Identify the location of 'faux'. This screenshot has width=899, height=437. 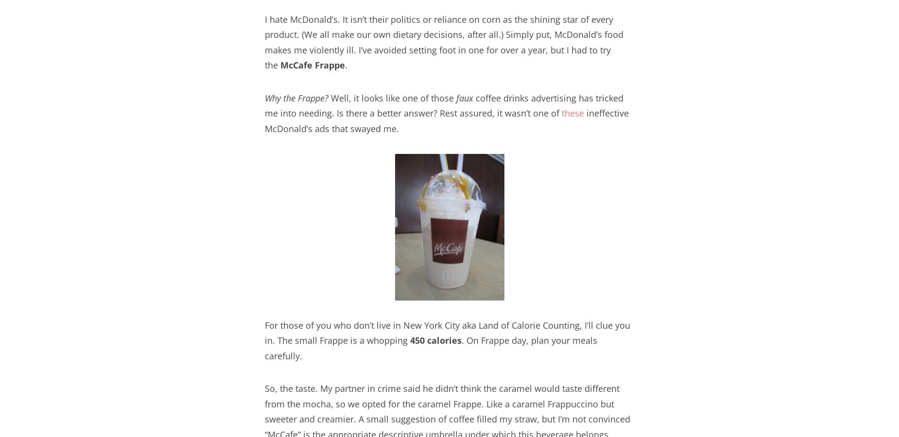
(464, 97).